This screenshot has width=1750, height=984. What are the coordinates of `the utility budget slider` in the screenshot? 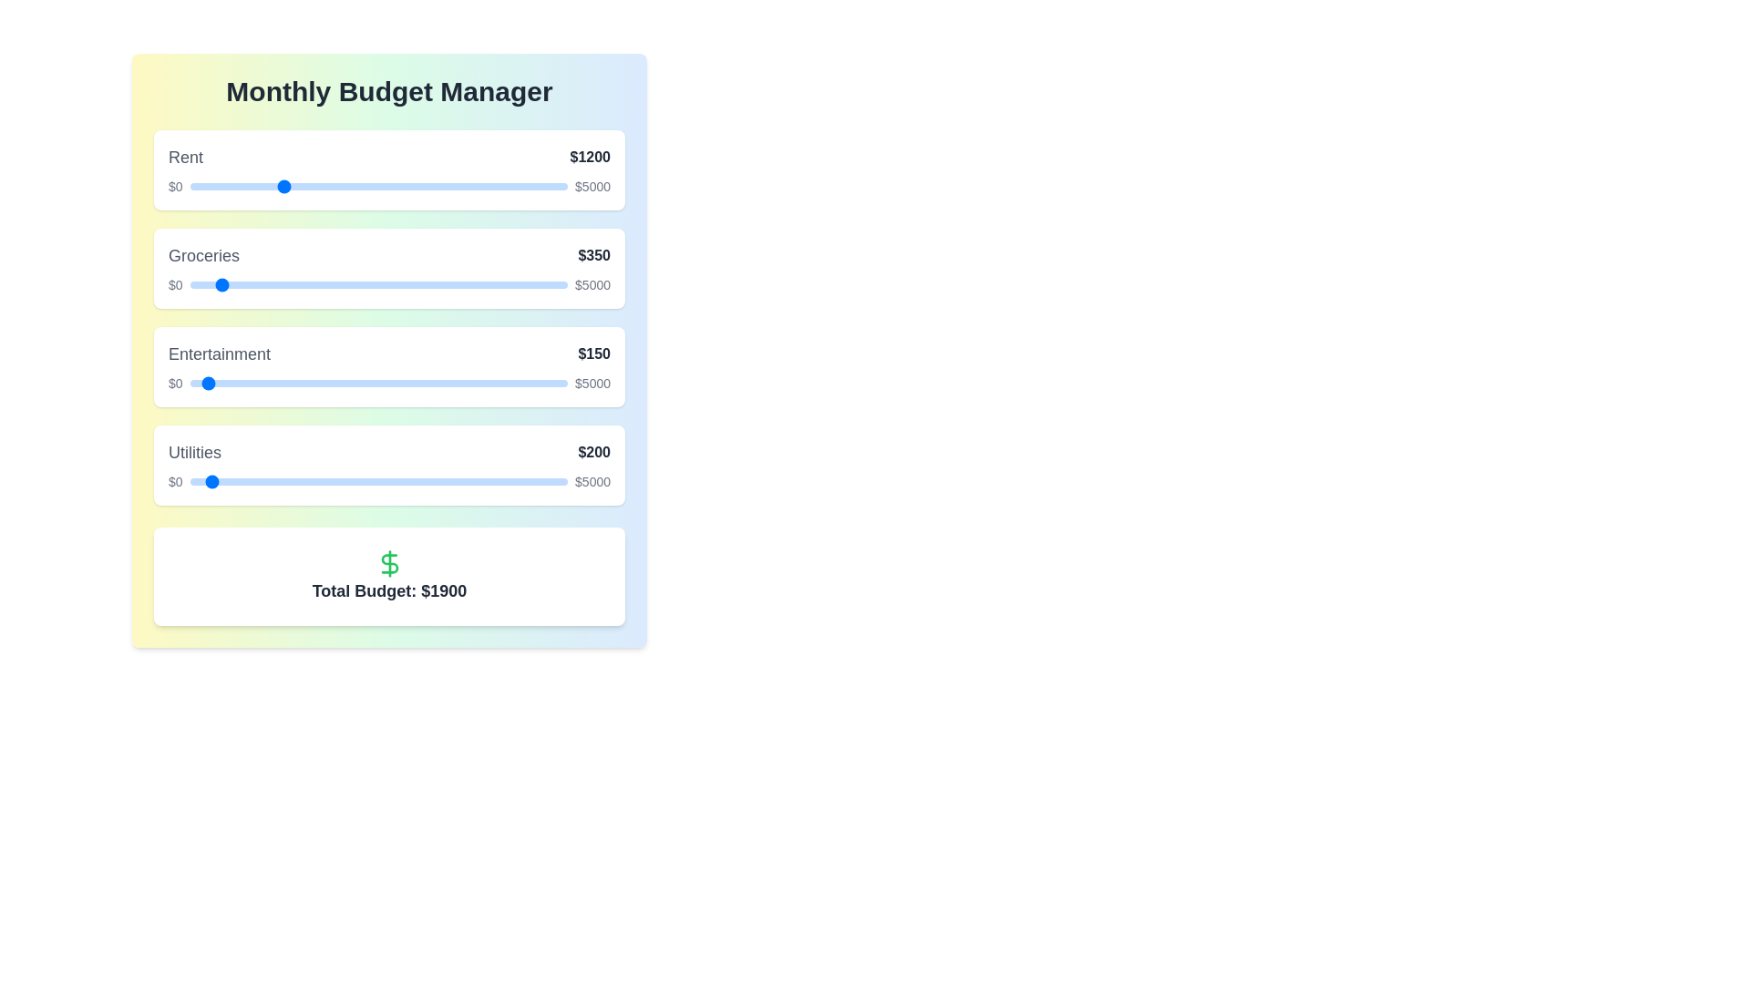 It's located at (340, 480).